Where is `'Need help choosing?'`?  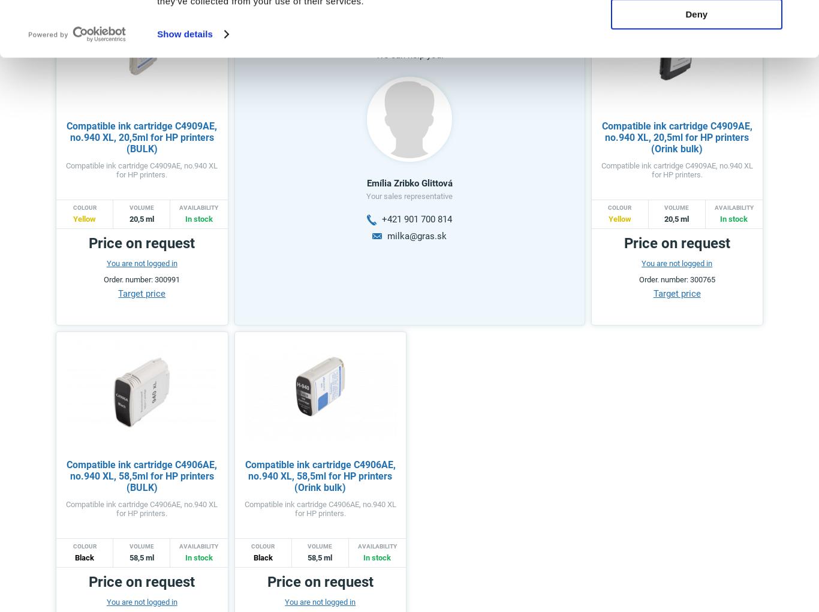 'Need help choosing?' is located at coordinates (358, 23).